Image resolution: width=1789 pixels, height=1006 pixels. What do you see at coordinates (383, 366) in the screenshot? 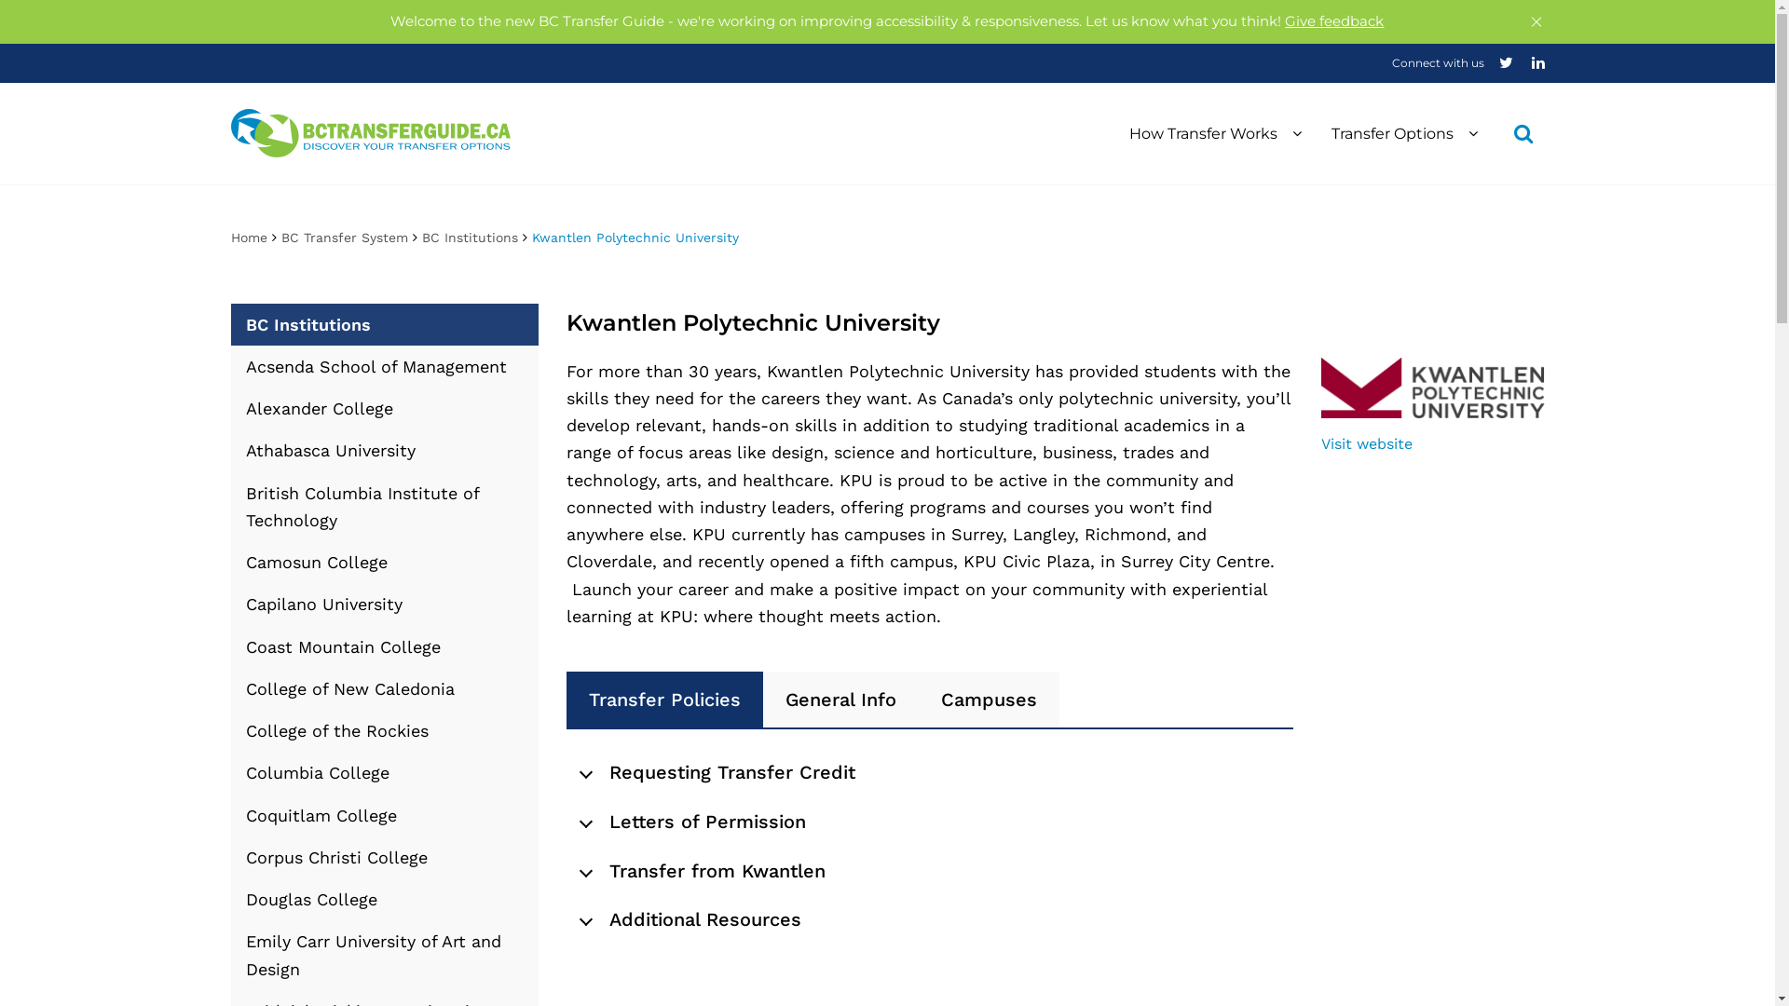
I see `'Acsenda School of Management'` at bounding box center [383, 366].